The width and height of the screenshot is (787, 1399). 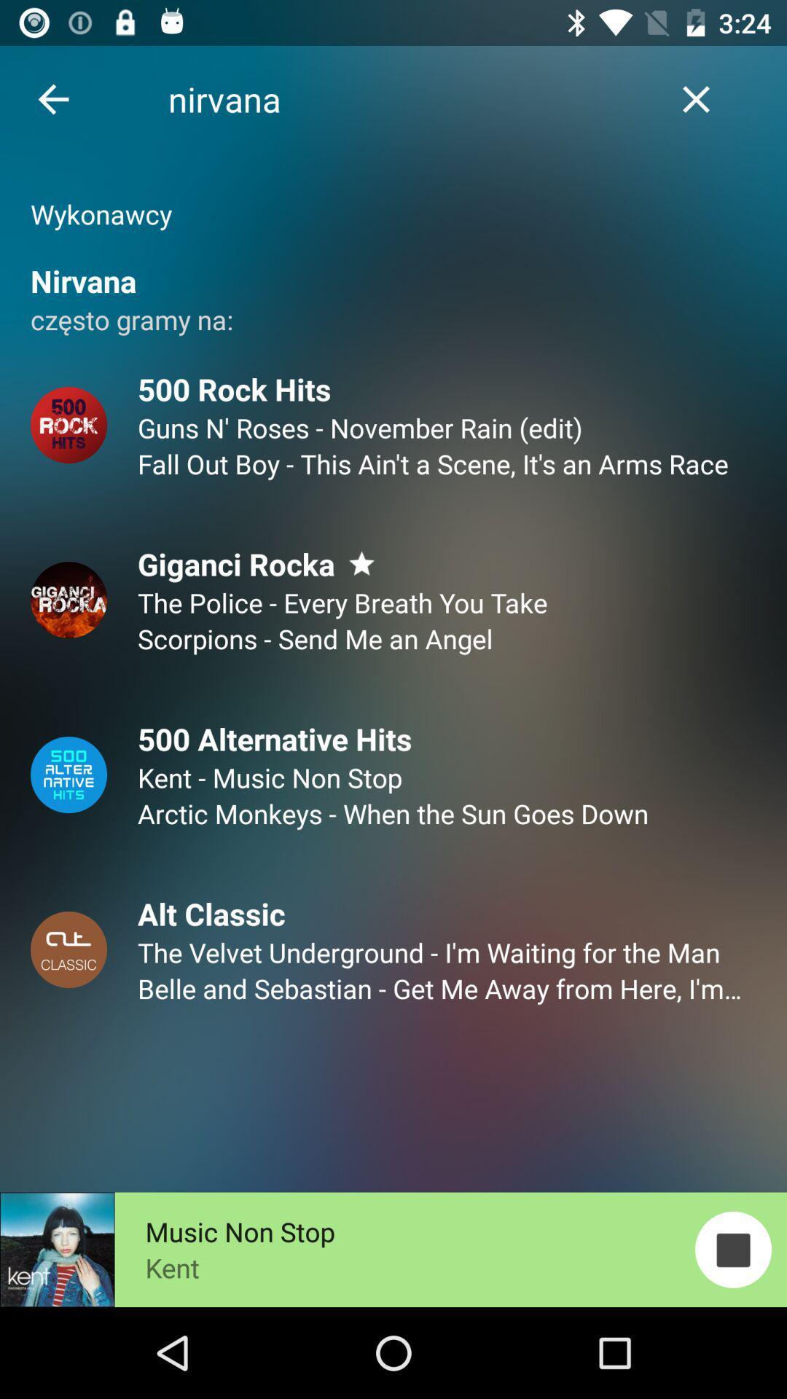 What do you see at coordinates (733, 1249) in the screenshot?
I see `the item at the bottom right corner` at bounding box center [733, 1249].